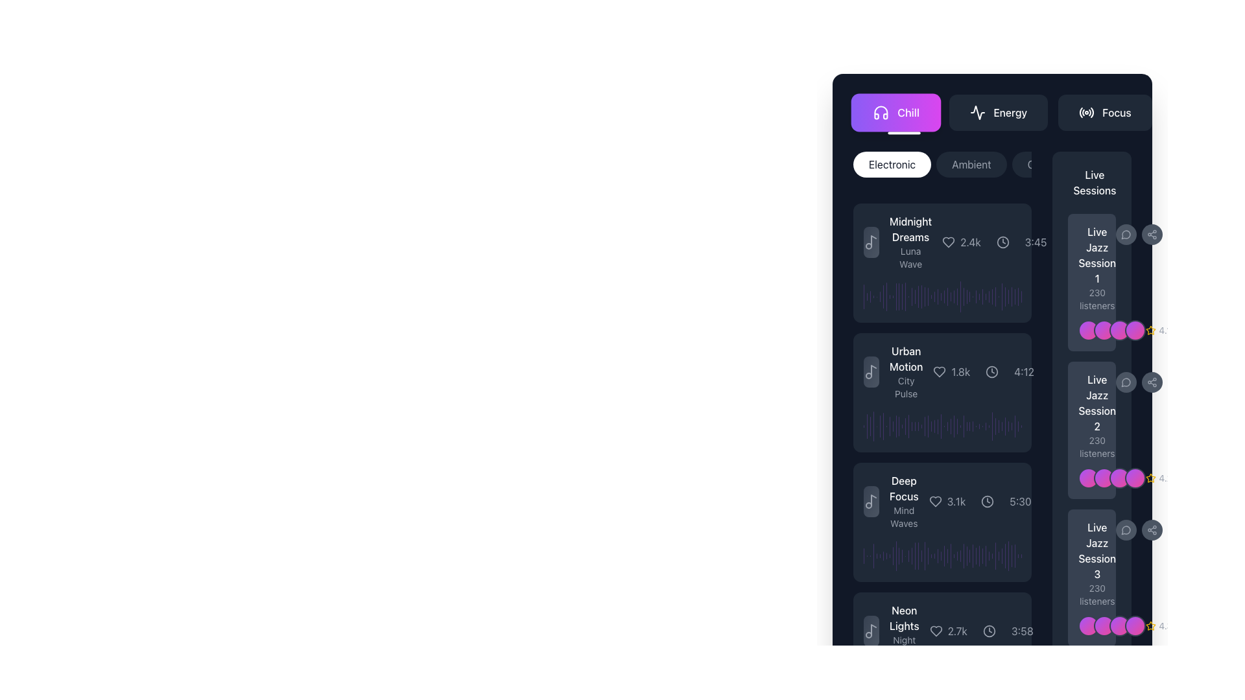  I want to click on the first circular avatar or user indicator located in the bottom right section of the interface, next to the 'Live Jazz Session 3' label, so click(1089, 625).